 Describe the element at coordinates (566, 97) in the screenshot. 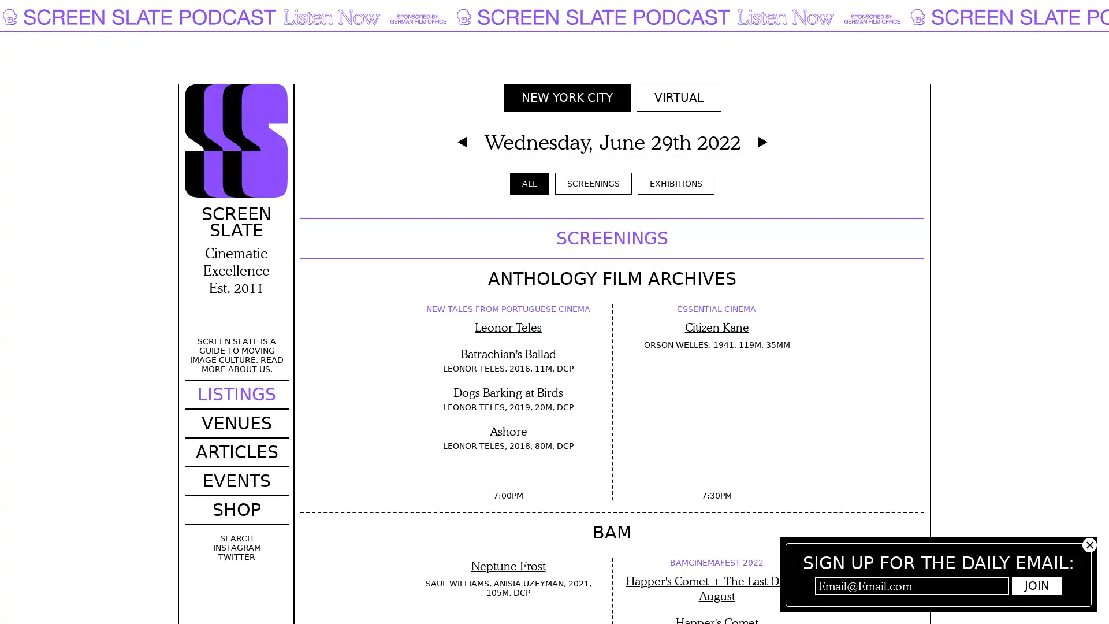

I see `NEW YORK CITY` at that location.